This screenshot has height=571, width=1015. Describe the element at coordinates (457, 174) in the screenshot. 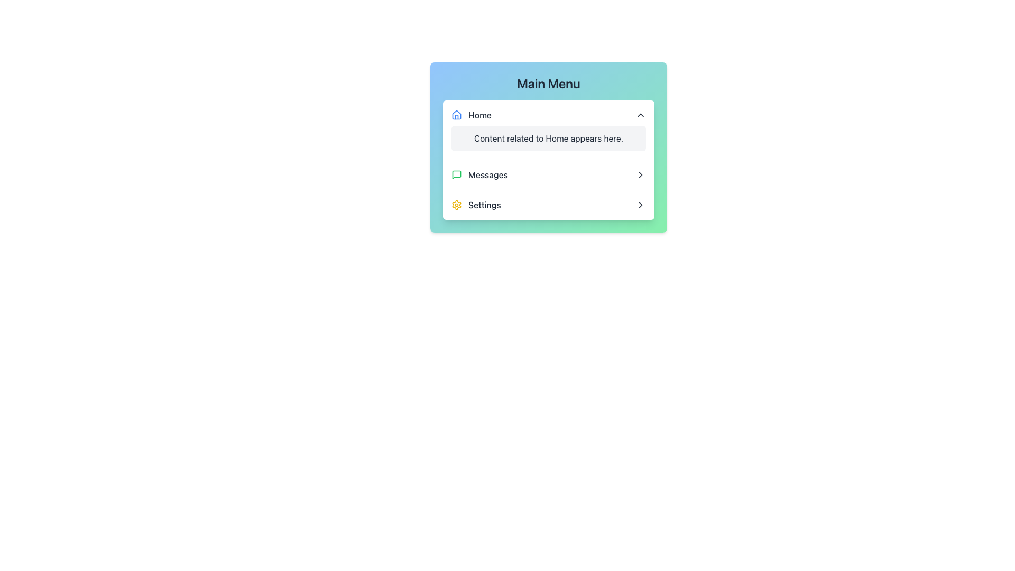

I see `the 'Messages' icon located in the green and white menu card, which is the second icon in the vertical list under the 'Main Menu' group` at that location.